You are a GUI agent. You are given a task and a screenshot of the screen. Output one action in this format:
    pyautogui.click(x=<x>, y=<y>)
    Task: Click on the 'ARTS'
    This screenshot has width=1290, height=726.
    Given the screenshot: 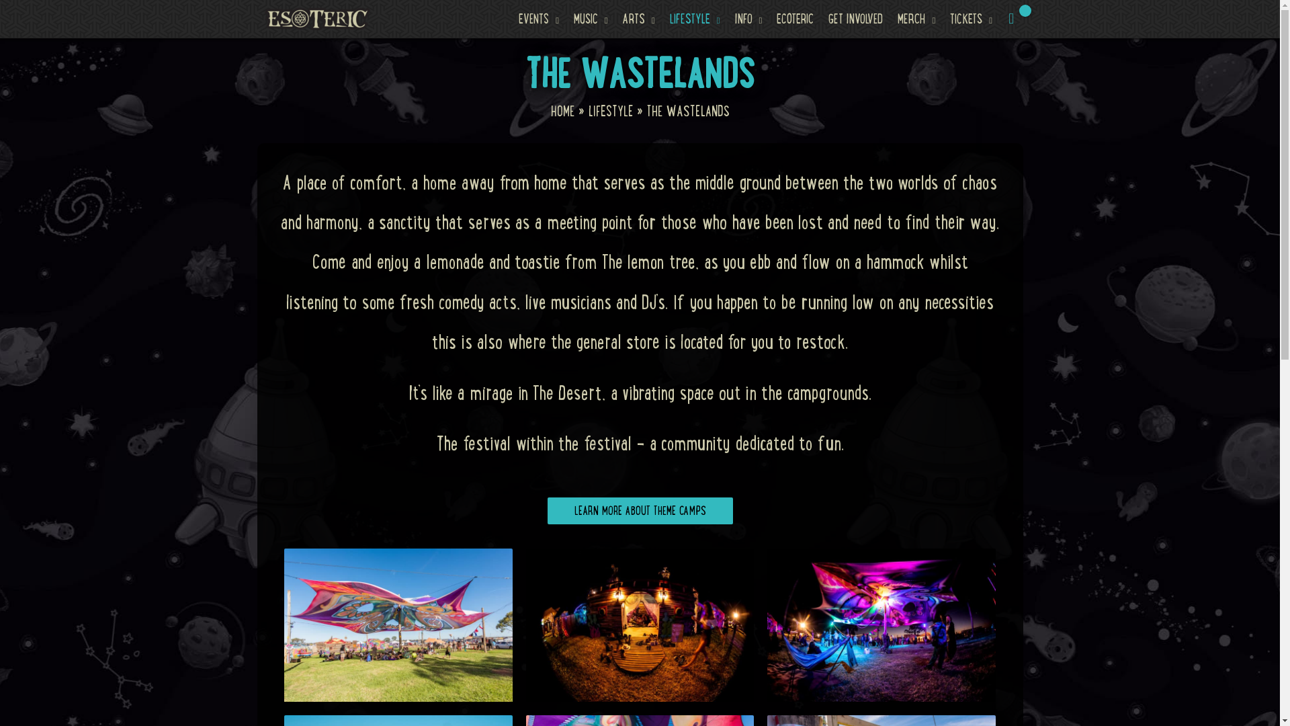 What is the action you would take?
    pyautogui.click(x=638, y=18)
    